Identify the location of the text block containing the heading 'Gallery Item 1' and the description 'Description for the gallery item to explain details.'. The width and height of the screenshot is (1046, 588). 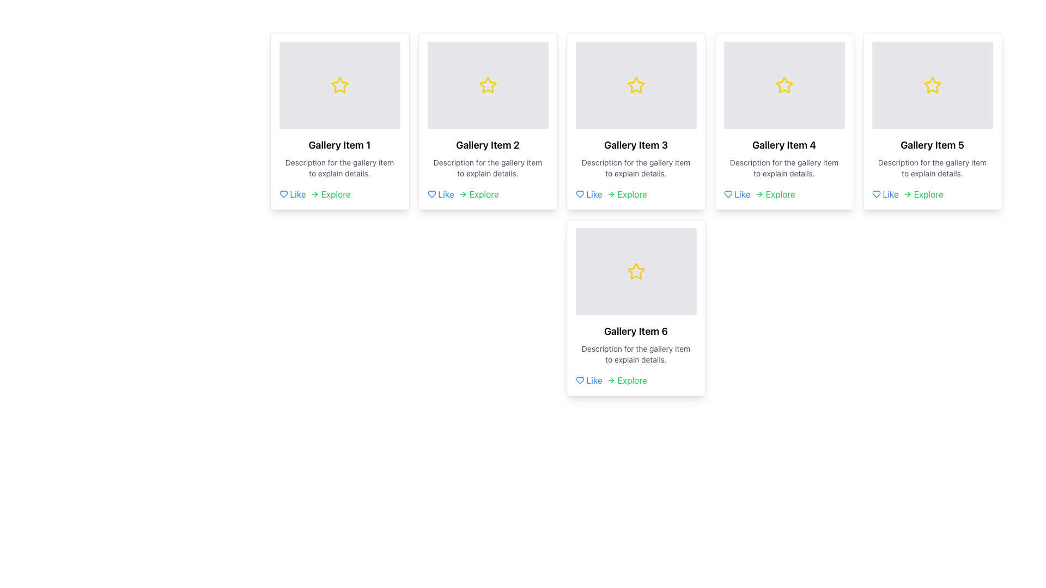
(339, 158).